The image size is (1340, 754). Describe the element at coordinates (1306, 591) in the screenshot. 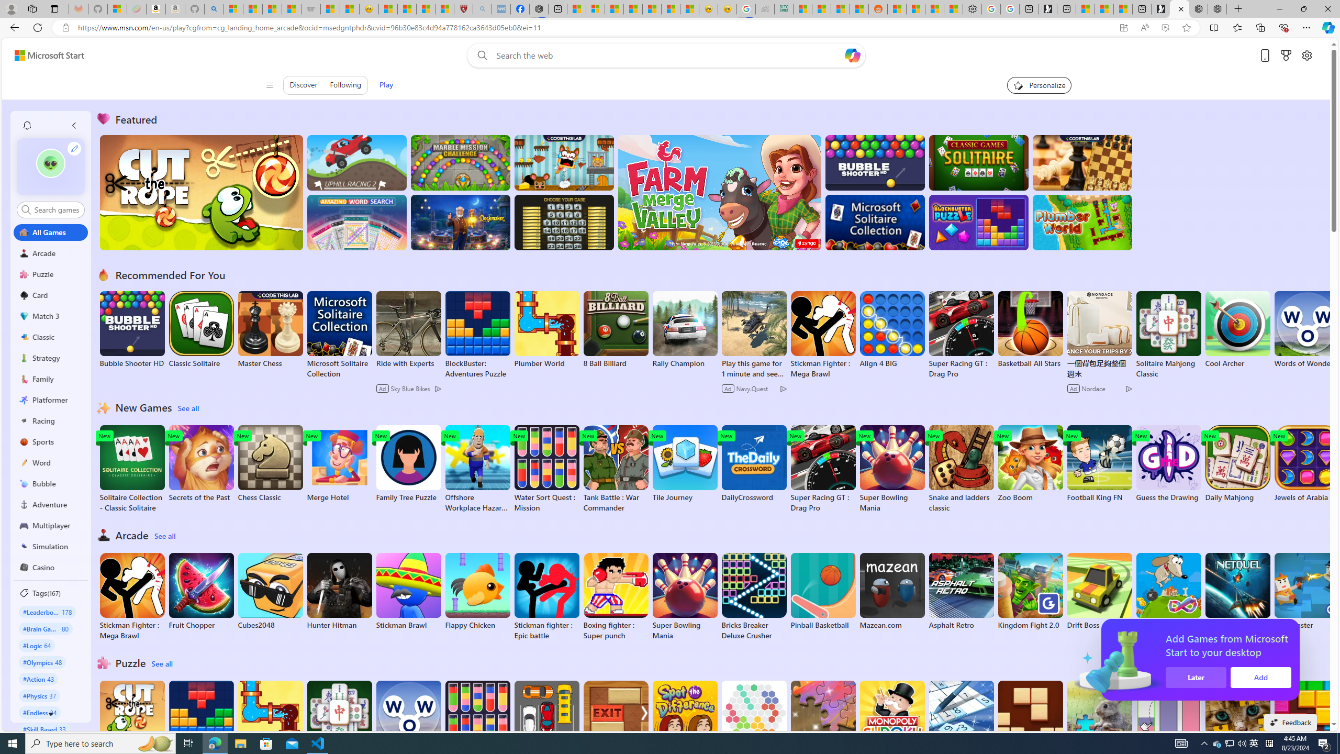

I see `'Gun Master'` at that location.